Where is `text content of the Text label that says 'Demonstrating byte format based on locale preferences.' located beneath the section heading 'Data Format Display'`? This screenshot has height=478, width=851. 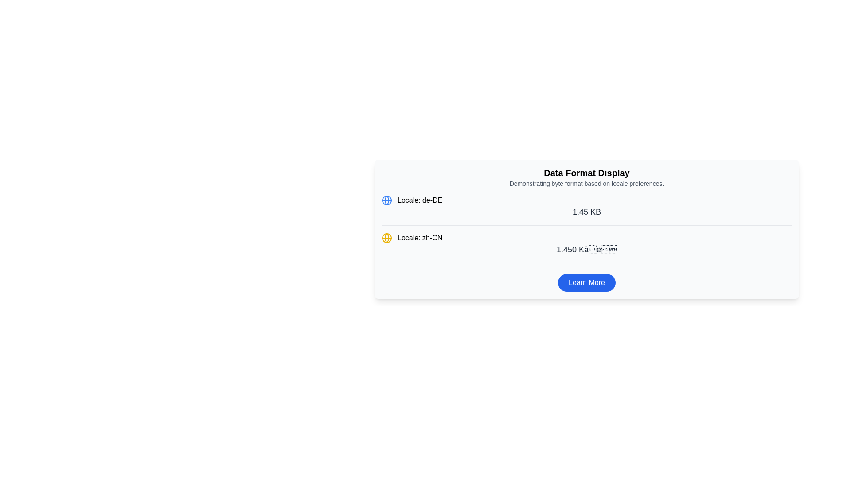
text content of the Text label that says 'Demonstrating byte format based on locale preferences.' located beneath the section heading 'Data Format Display' is located at coordinates (587, 183).